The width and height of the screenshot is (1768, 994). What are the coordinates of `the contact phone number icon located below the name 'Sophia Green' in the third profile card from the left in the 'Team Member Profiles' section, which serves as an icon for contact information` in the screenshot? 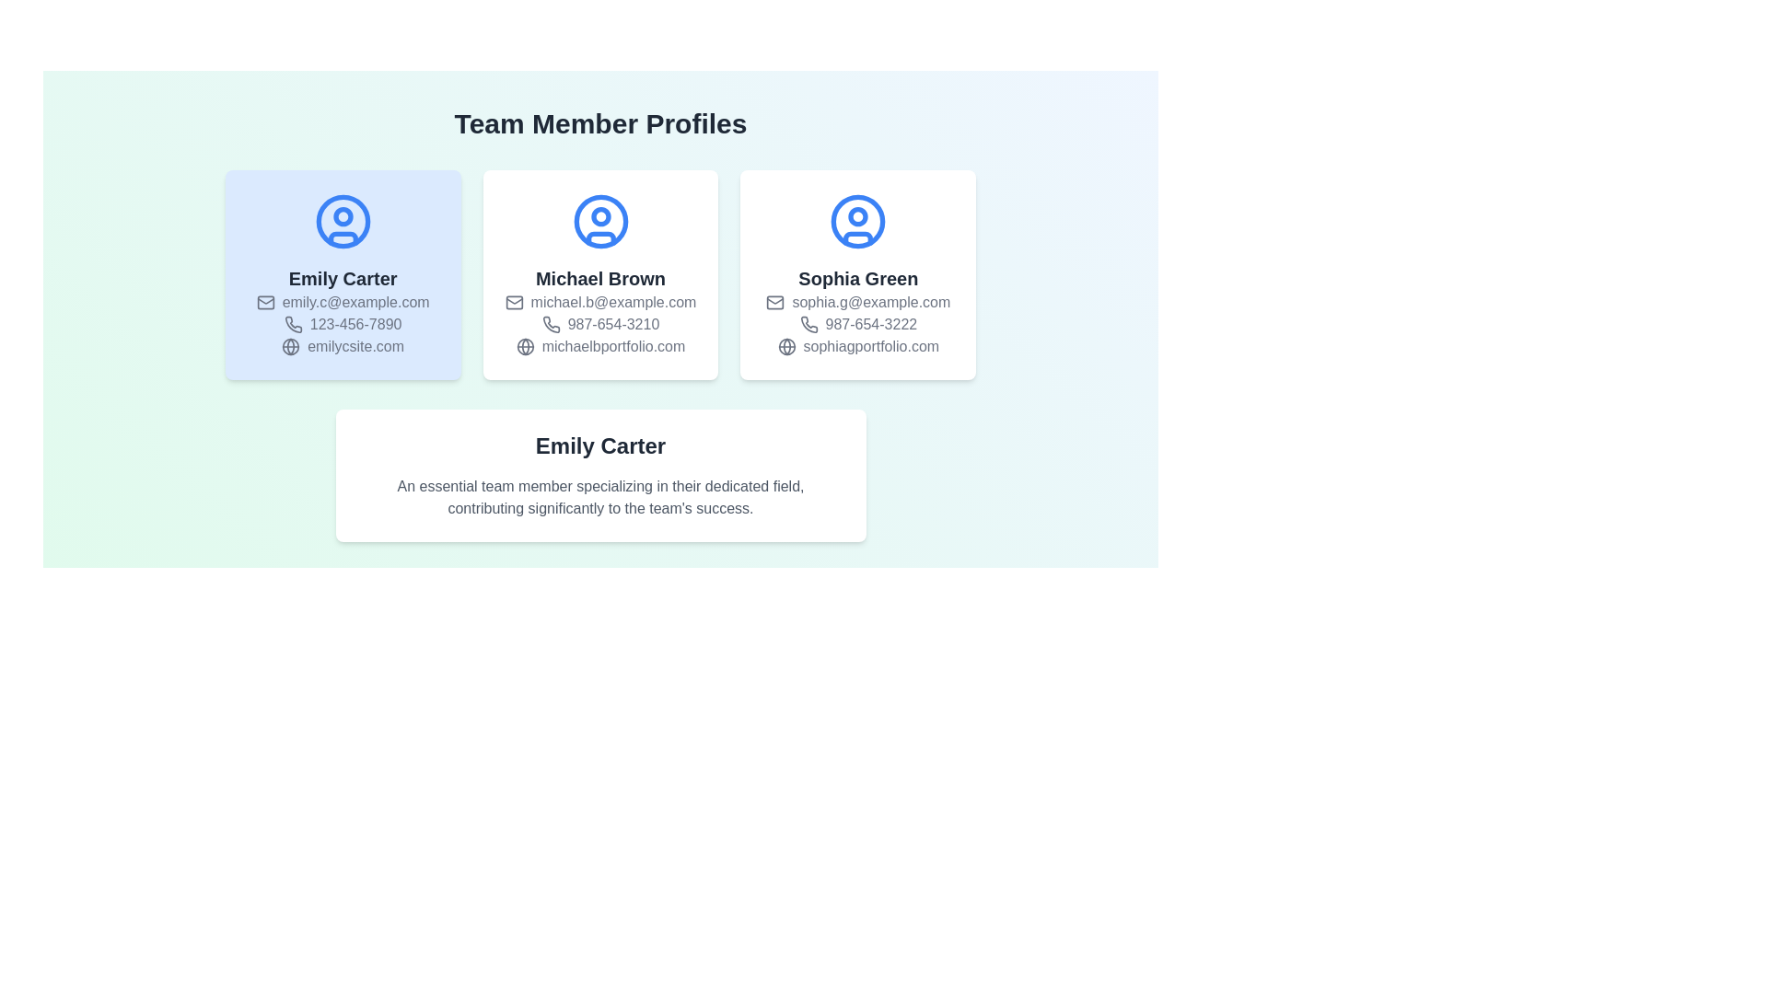 It's located at (808, 323).